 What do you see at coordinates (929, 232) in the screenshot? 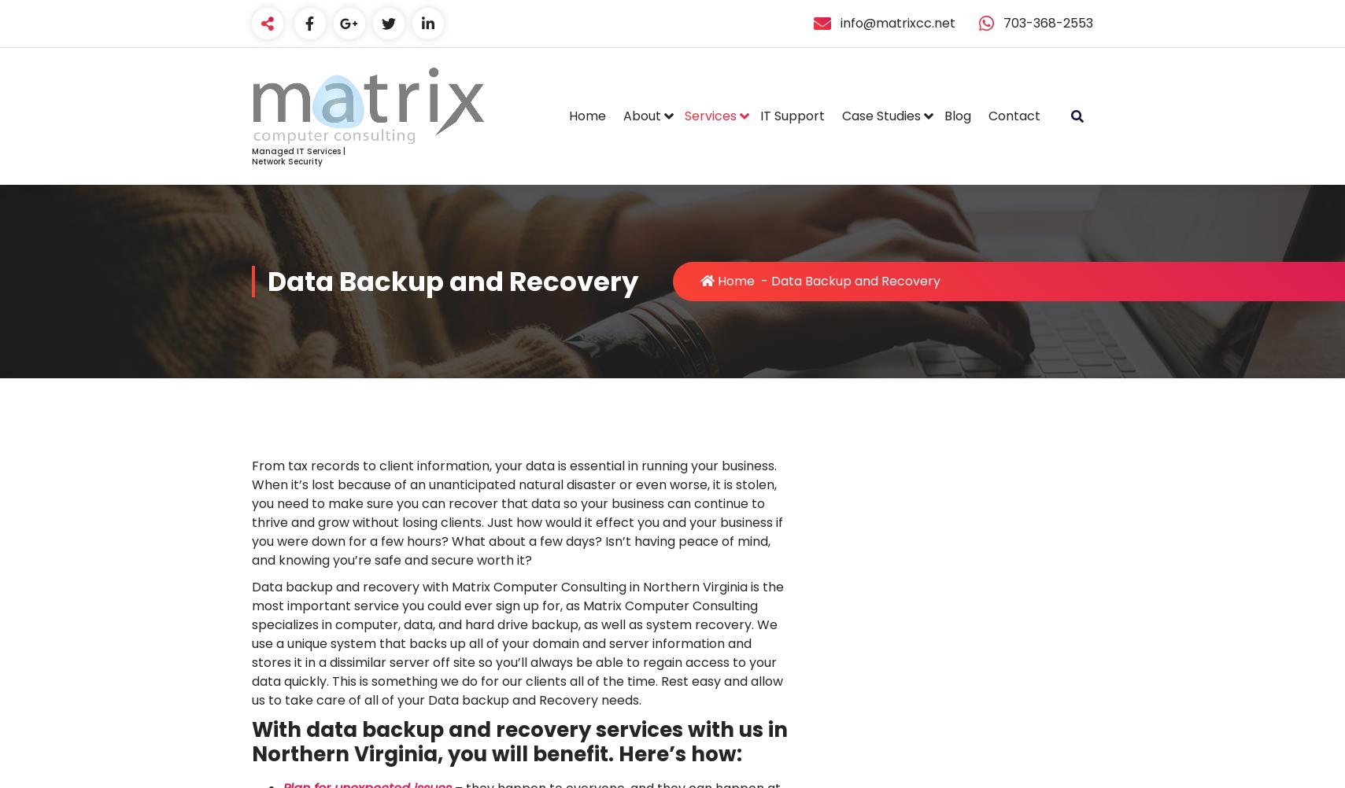
I see `'NIST 800-171 Compliance'` at bounding box center [929, 232].